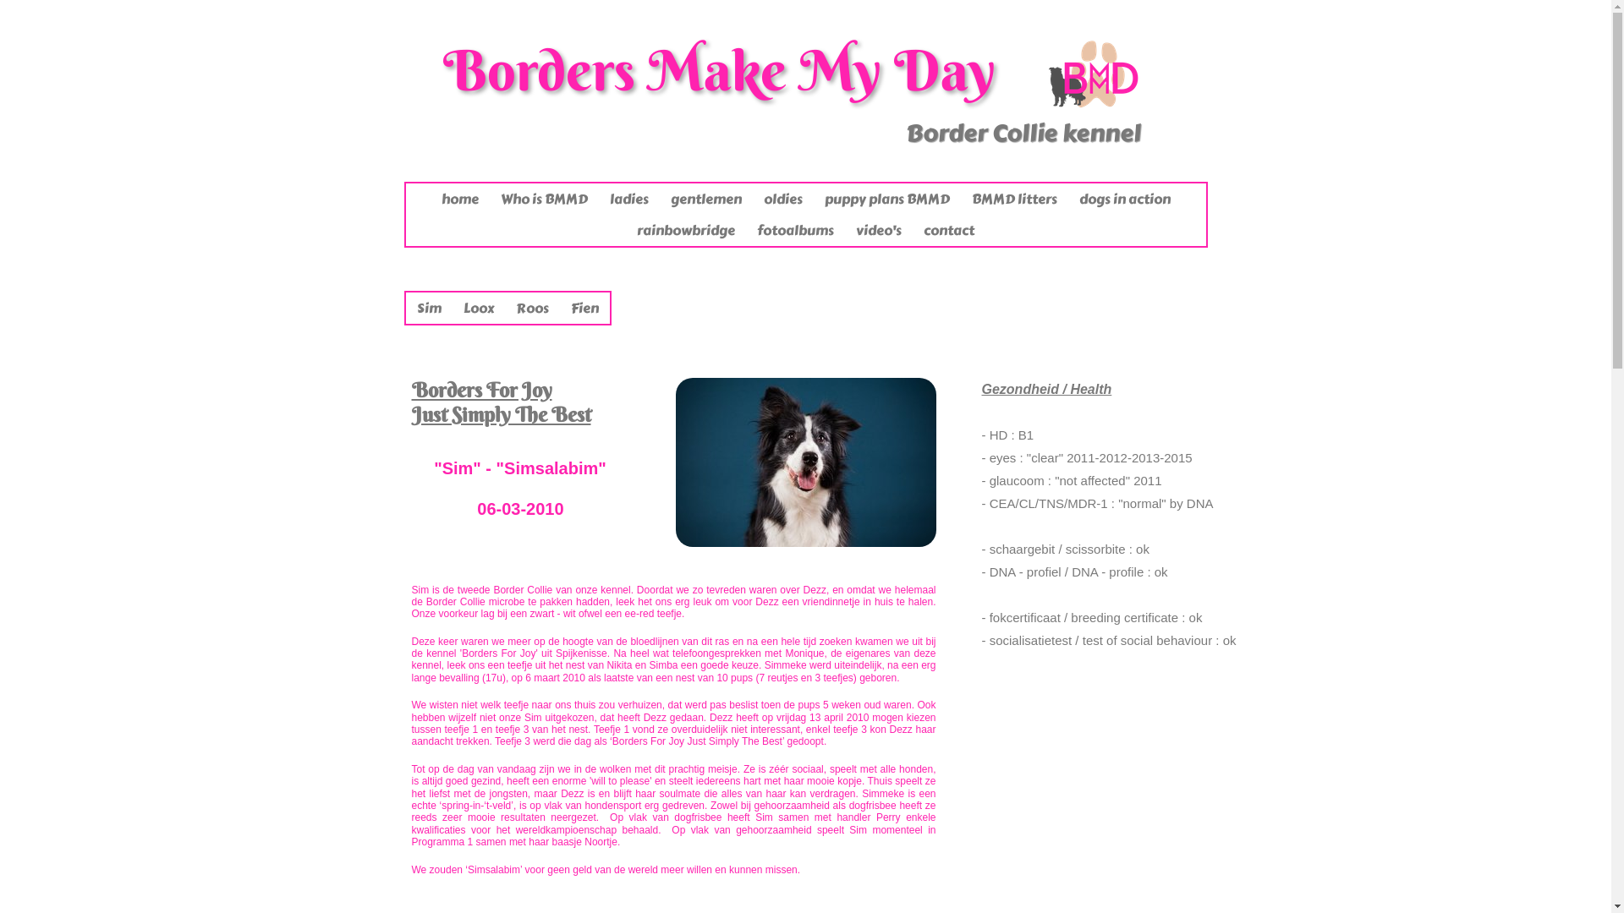  Describe the element at coordinates (530, 308) in the screenshot. I see `'Roos'` at that location.